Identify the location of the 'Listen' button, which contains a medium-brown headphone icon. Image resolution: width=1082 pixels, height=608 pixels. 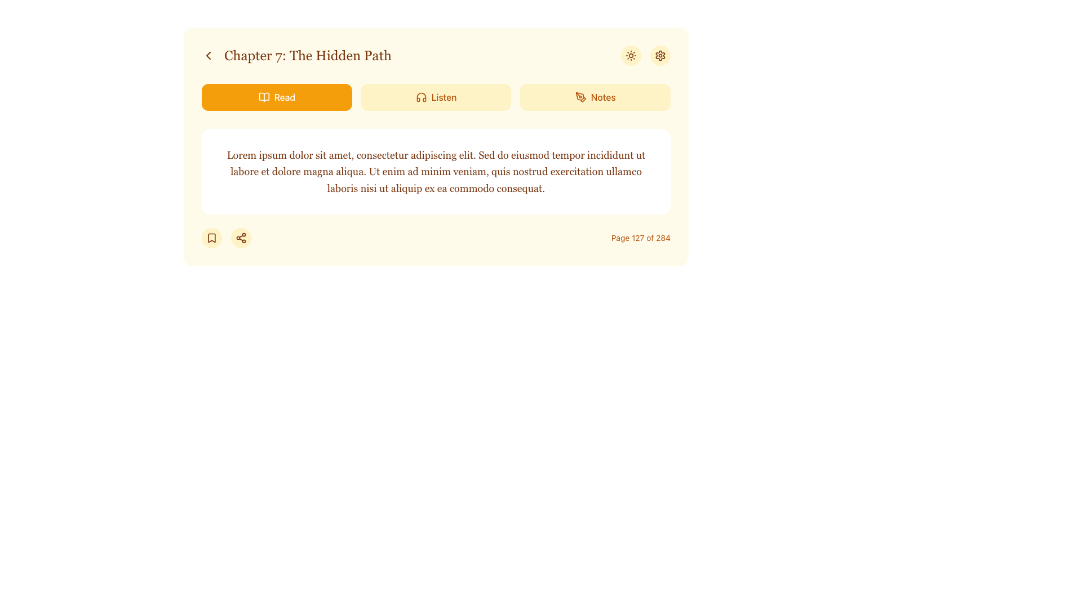
(420, 97).